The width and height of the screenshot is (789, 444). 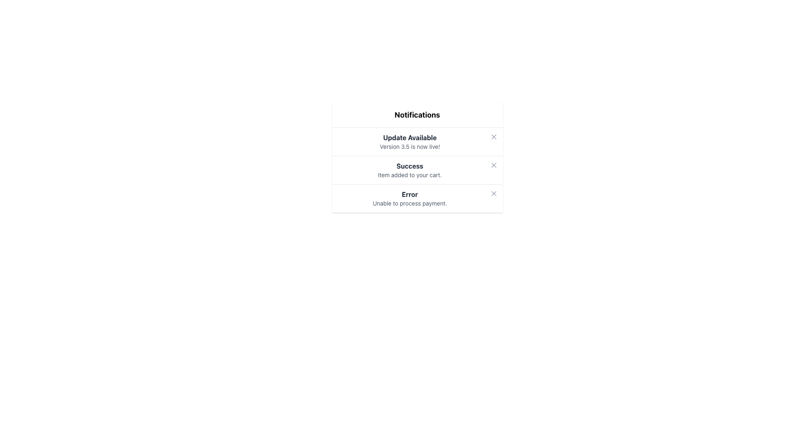 I want to click on the notification message confirming that an item has been successfully added to the shopping cart, located below the 'Success' header in the notification card, so click(x=410, y=174).